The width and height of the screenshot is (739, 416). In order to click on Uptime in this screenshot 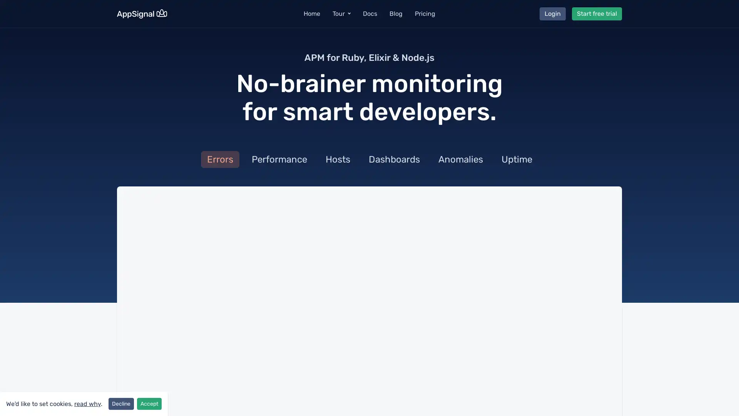, I will do `click(517, 158)`.